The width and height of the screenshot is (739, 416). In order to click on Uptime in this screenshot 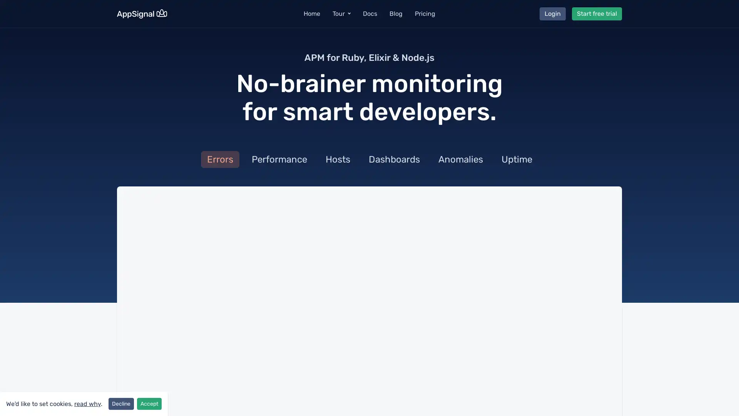, I will do `click(517, 158)`.